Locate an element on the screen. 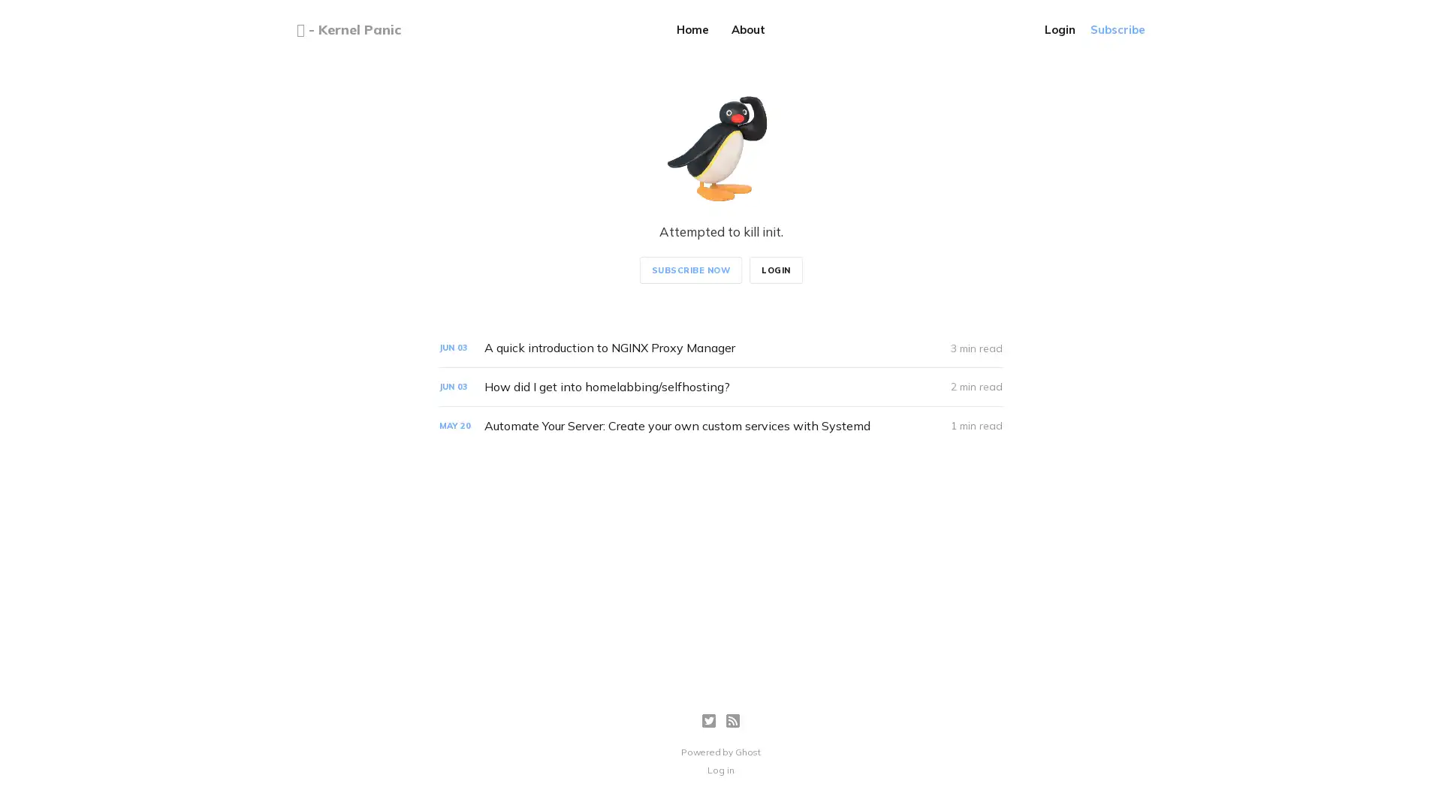 This screenshot has width=1442, height=811. SUBSCRIBE NOW is located at coordinates (689, 269).